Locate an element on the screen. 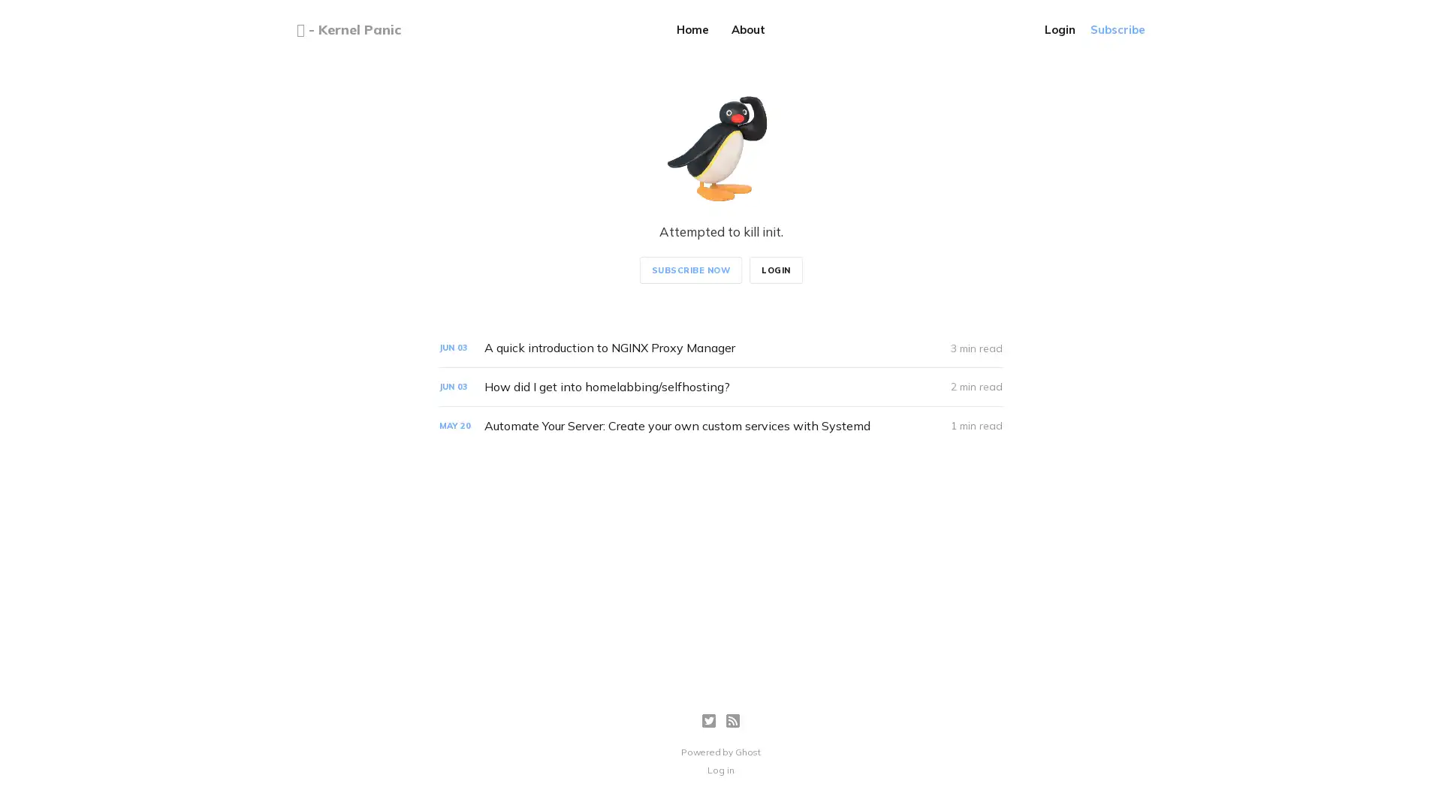 This screenshot has width=1442, height=811. SUBSCRIBE NOW is located at coordinates (689, 269).